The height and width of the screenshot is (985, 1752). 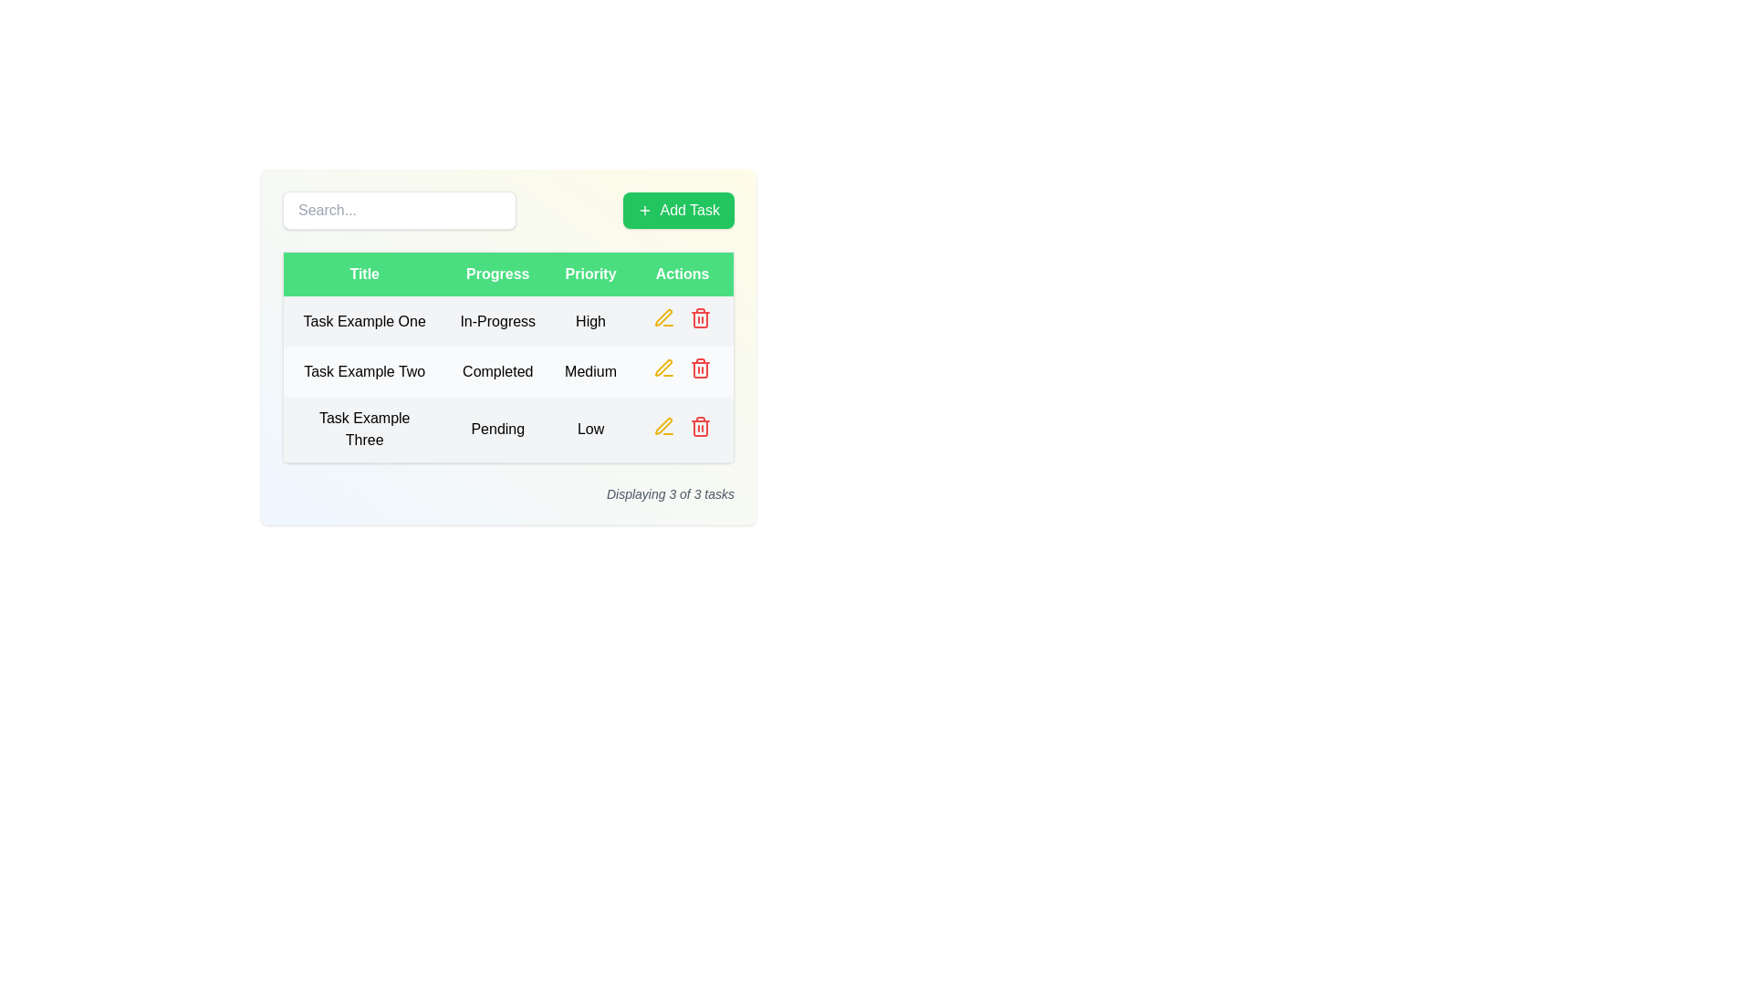 I want to click on the text label indicating the status of the task in the second cell under the 'Progress' column of the third row titled 'Task Example Three', so click(x=497, y=430).